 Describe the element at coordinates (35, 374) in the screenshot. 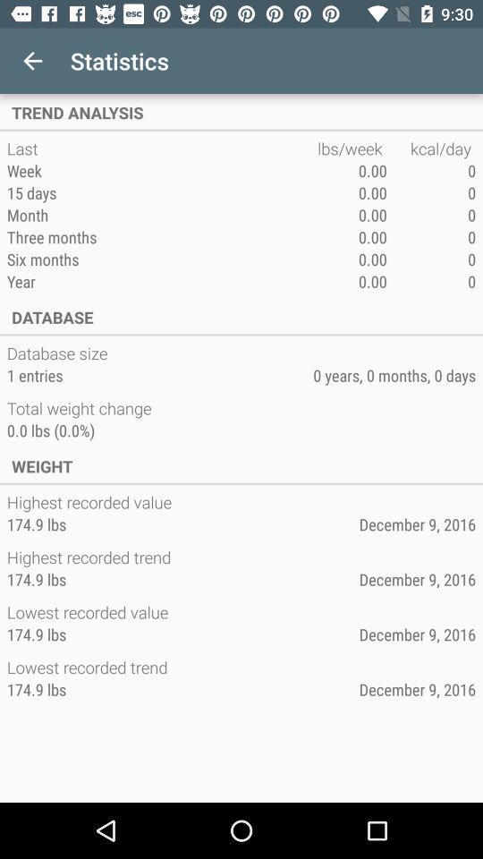

I see `the item above the total weight change` at that location.